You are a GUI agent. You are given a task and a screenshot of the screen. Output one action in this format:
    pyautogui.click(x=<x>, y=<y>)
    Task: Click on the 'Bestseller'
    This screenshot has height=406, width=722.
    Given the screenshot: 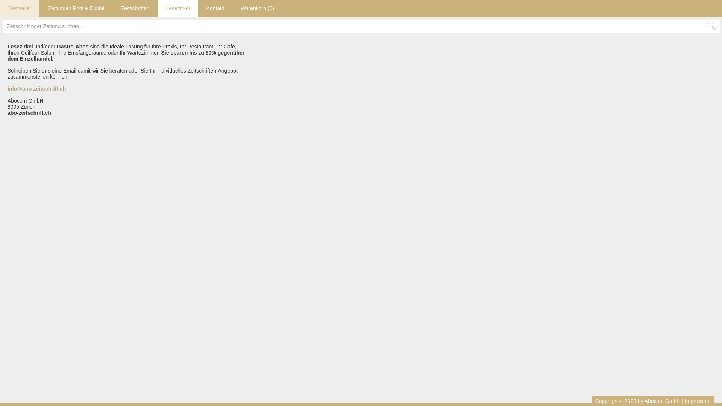 What is the action you would take?
    pyautogui.click(x=20, y=8)
    